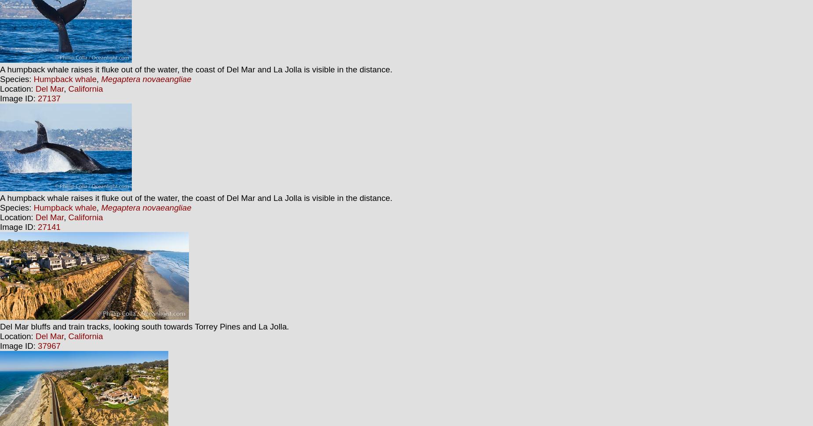  I want to click on '27137', so click(48, 98).